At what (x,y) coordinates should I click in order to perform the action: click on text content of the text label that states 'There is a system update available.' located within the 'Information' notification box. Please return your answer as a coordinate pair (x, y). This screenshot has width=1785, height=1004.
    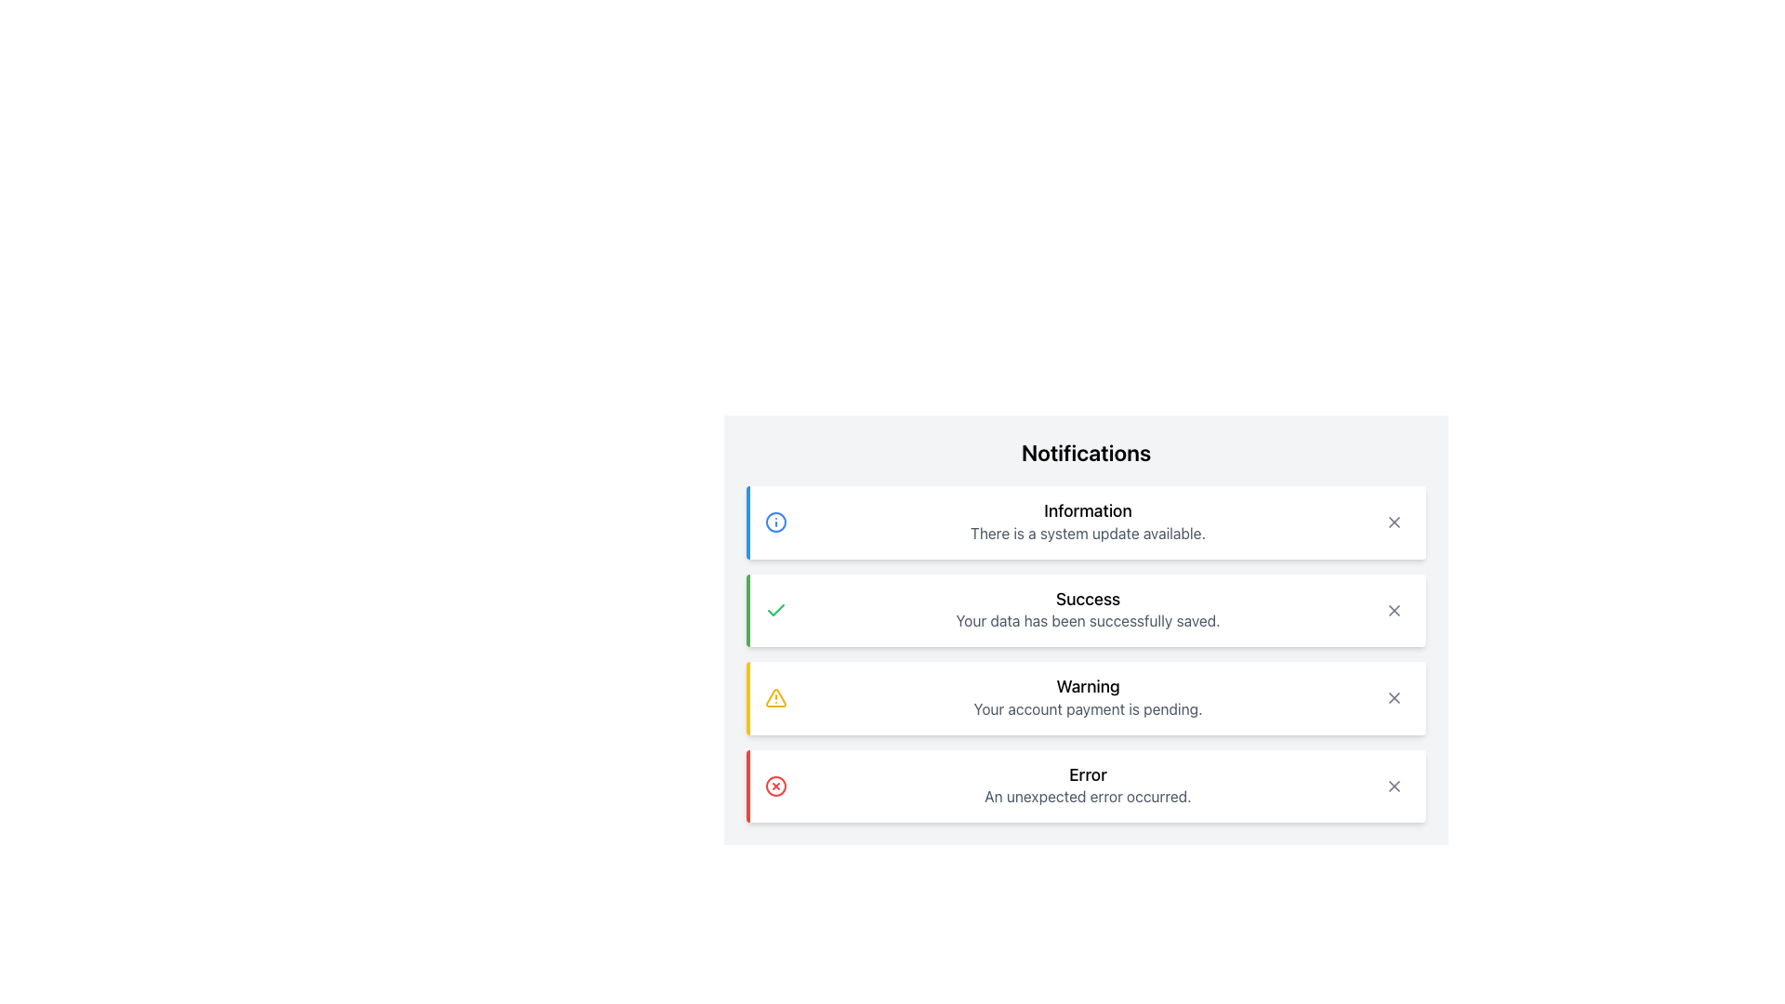
    Looking at the image, I should click on (1088, 533).